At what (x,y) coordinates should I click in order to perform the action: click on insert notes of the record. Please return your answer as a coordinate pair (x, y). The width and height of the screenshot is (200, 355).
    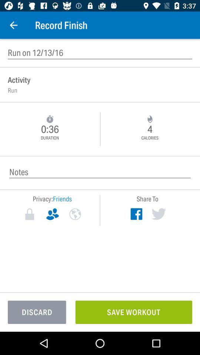
    Looking at the image, I should click on (100, 172).